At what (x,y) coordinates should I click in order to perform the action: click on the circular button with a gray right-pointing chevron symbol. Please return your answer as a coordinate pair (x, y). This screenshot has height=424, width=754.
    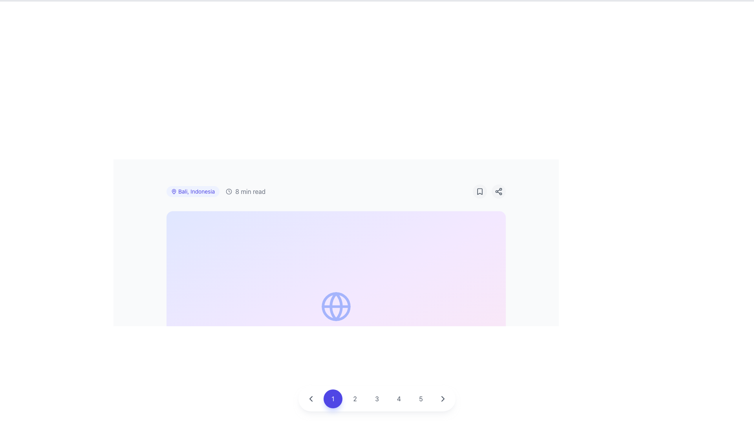
    Looking at the image, I should click on (443, 398).